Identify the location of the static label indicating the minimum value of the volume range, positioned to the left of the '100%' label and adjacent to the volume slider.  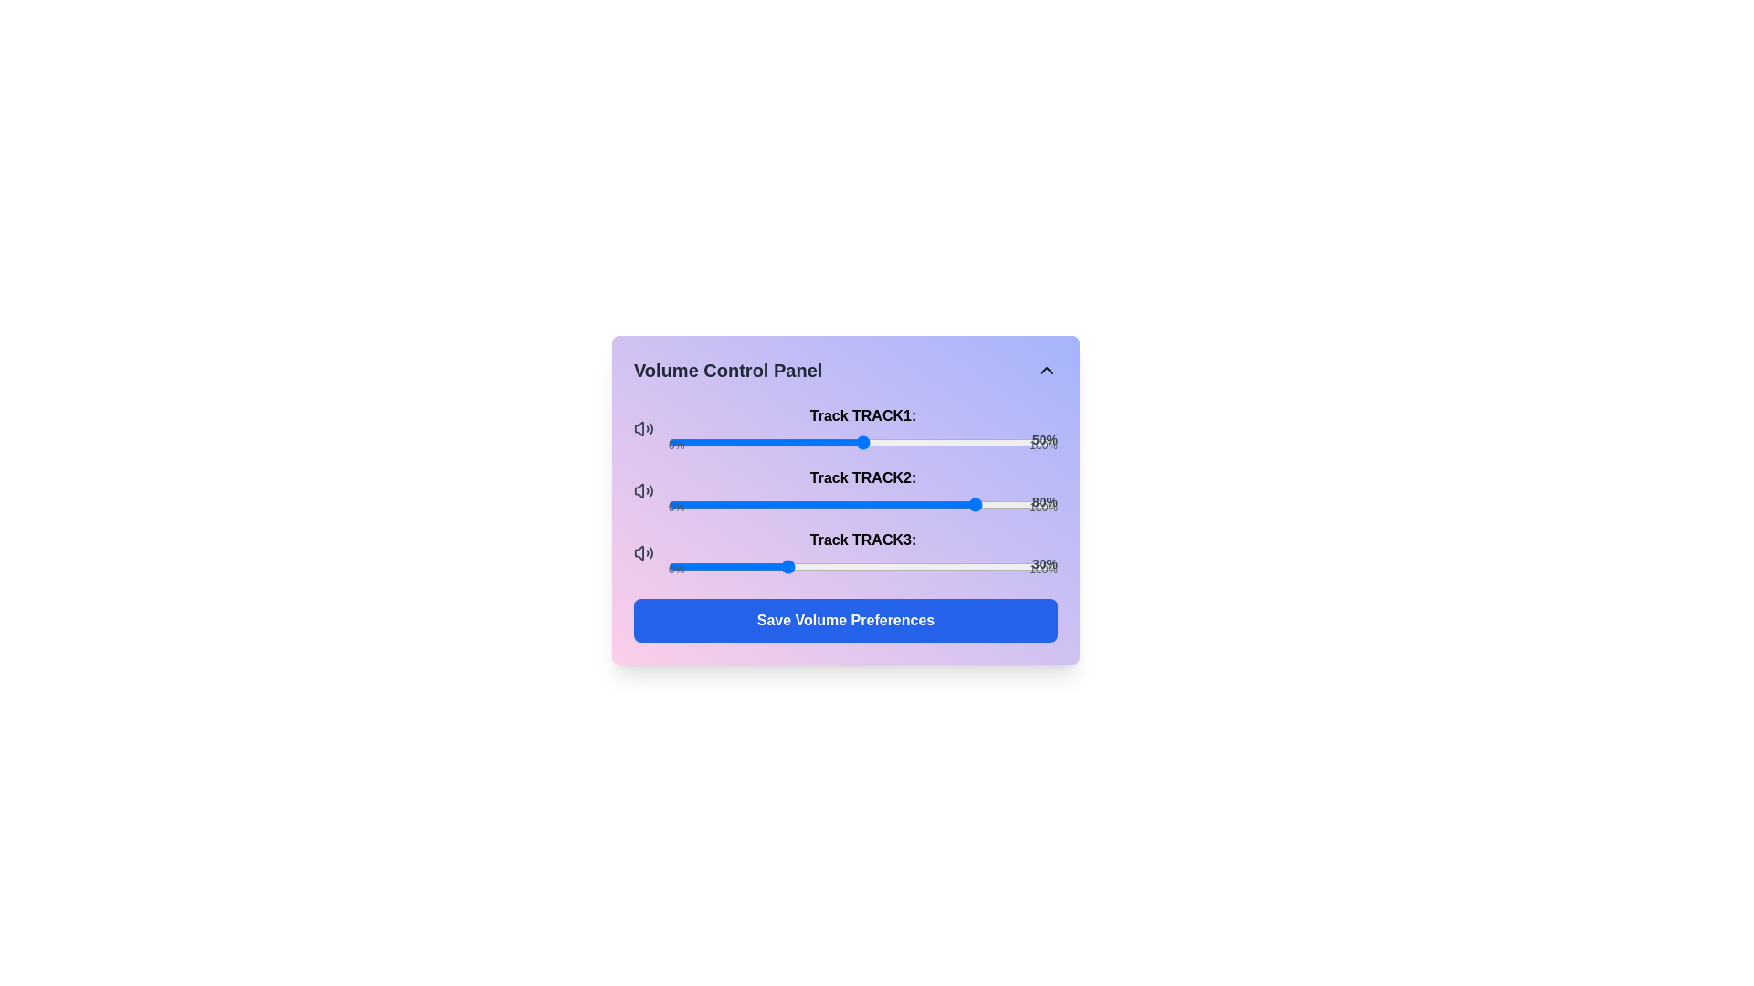
(675, 446).